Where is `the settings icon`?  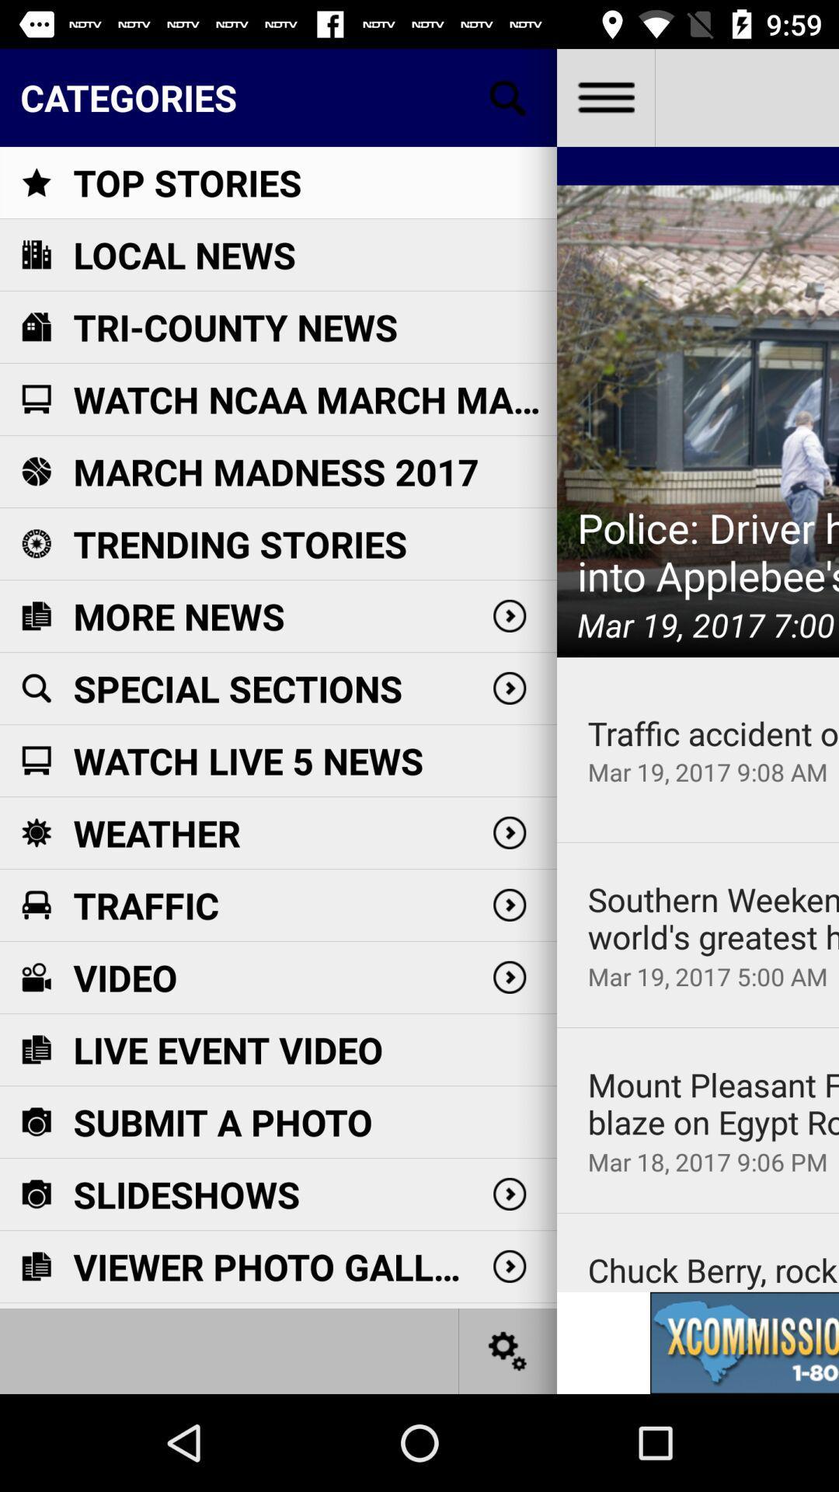
the settings icon is located at coordinates (508, 1350).